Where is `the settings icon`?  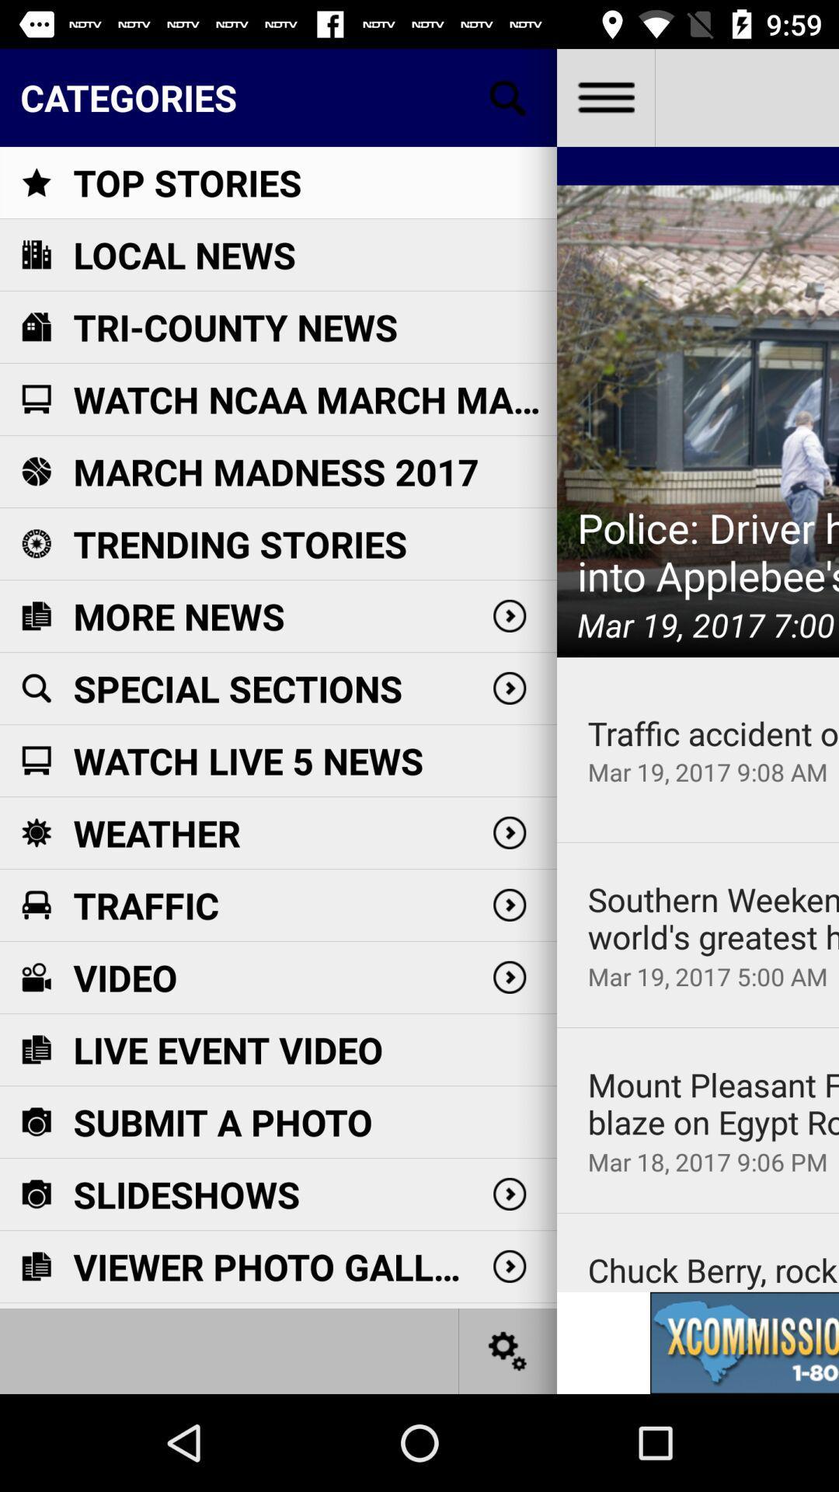
the settings icon is located at coordinates (508, 1350).